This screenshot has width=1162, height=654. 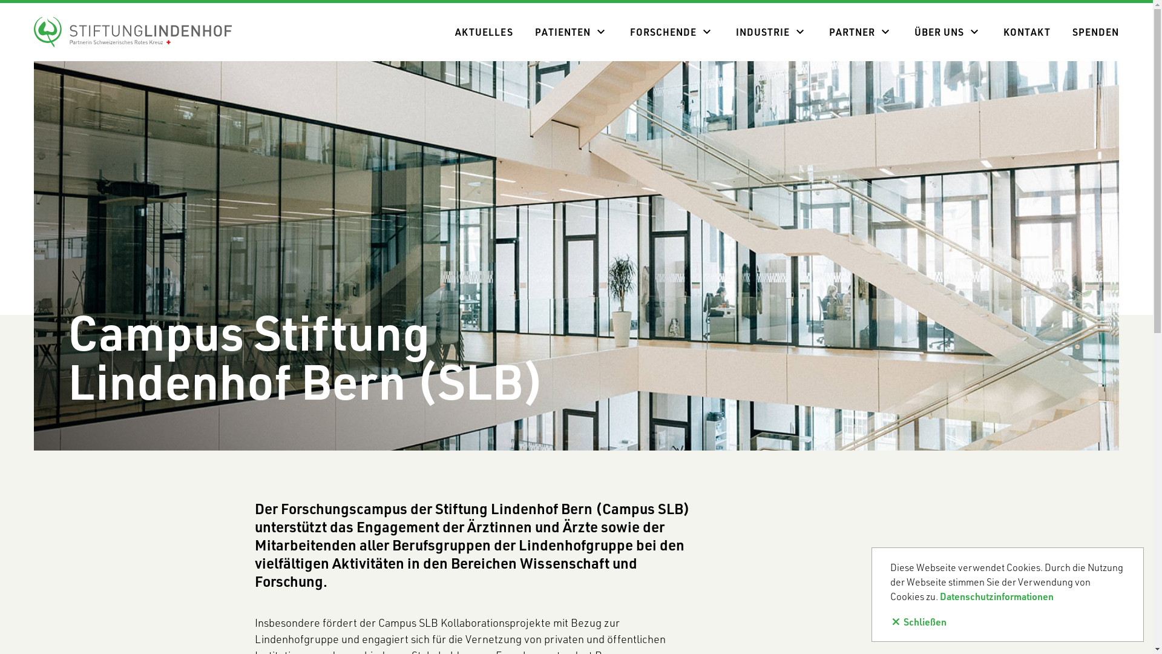 What do you see at coordinates (996, 595) in the screenshot?
I see `'Datenschutzinformationen'` at bounding box center [996, 595].